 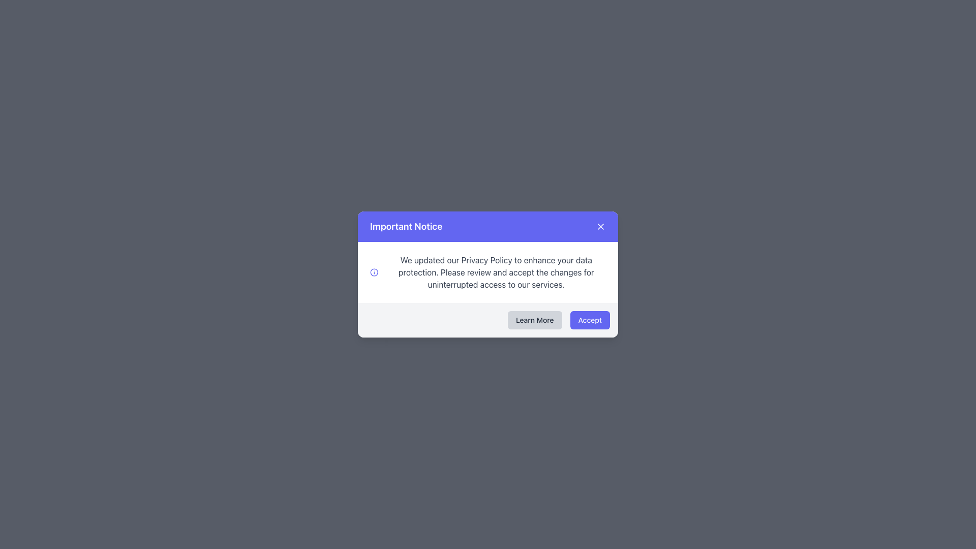 I want to click on informational message displayed in the text block that states: 'We updated our Privacy Policy to enhance your data protection. Please review and accept the changes for uninterrupted access to our services.', so click(x=488, y=272).